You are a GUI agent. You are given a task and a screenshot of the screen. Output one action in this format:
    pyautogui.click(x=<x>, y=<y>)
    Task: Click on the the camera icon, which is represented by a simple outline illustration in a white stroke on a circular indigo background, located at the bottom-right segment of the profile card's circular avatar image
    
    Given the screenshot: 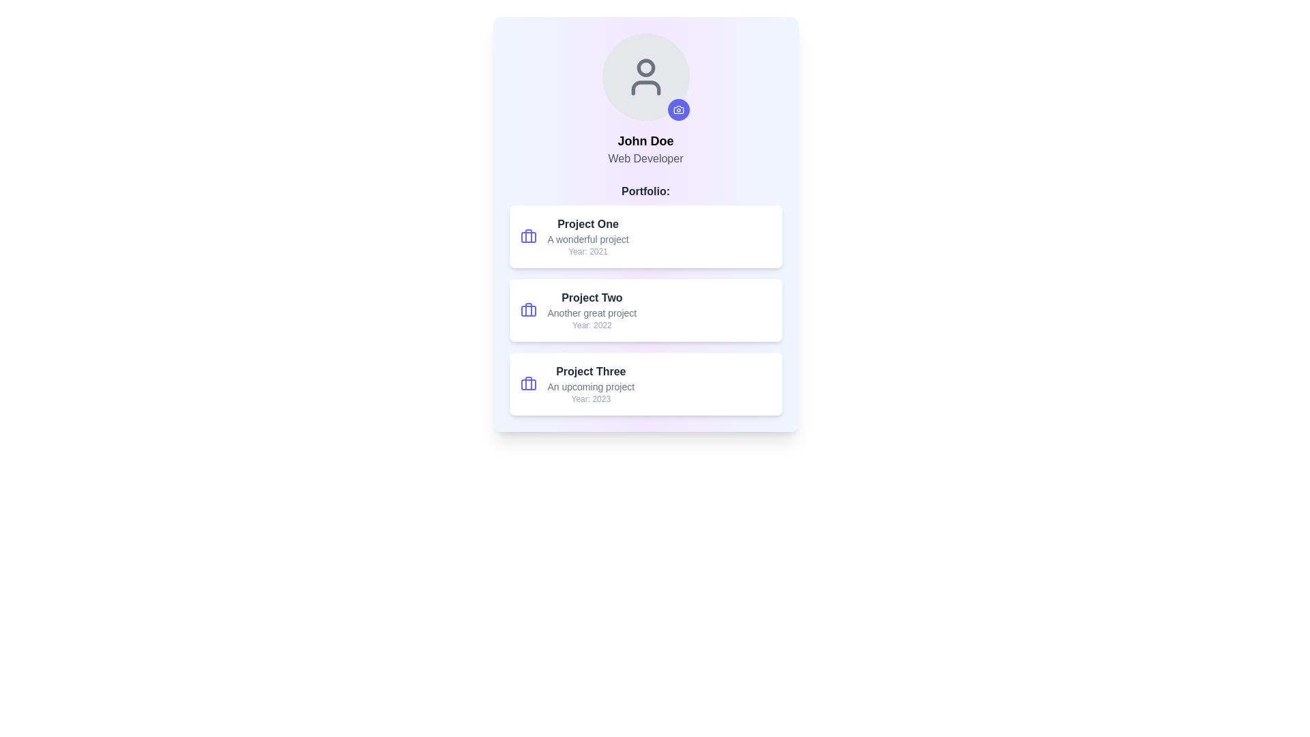 What is the action you would take?
    pyautogui.click(x=678, y=109)
    